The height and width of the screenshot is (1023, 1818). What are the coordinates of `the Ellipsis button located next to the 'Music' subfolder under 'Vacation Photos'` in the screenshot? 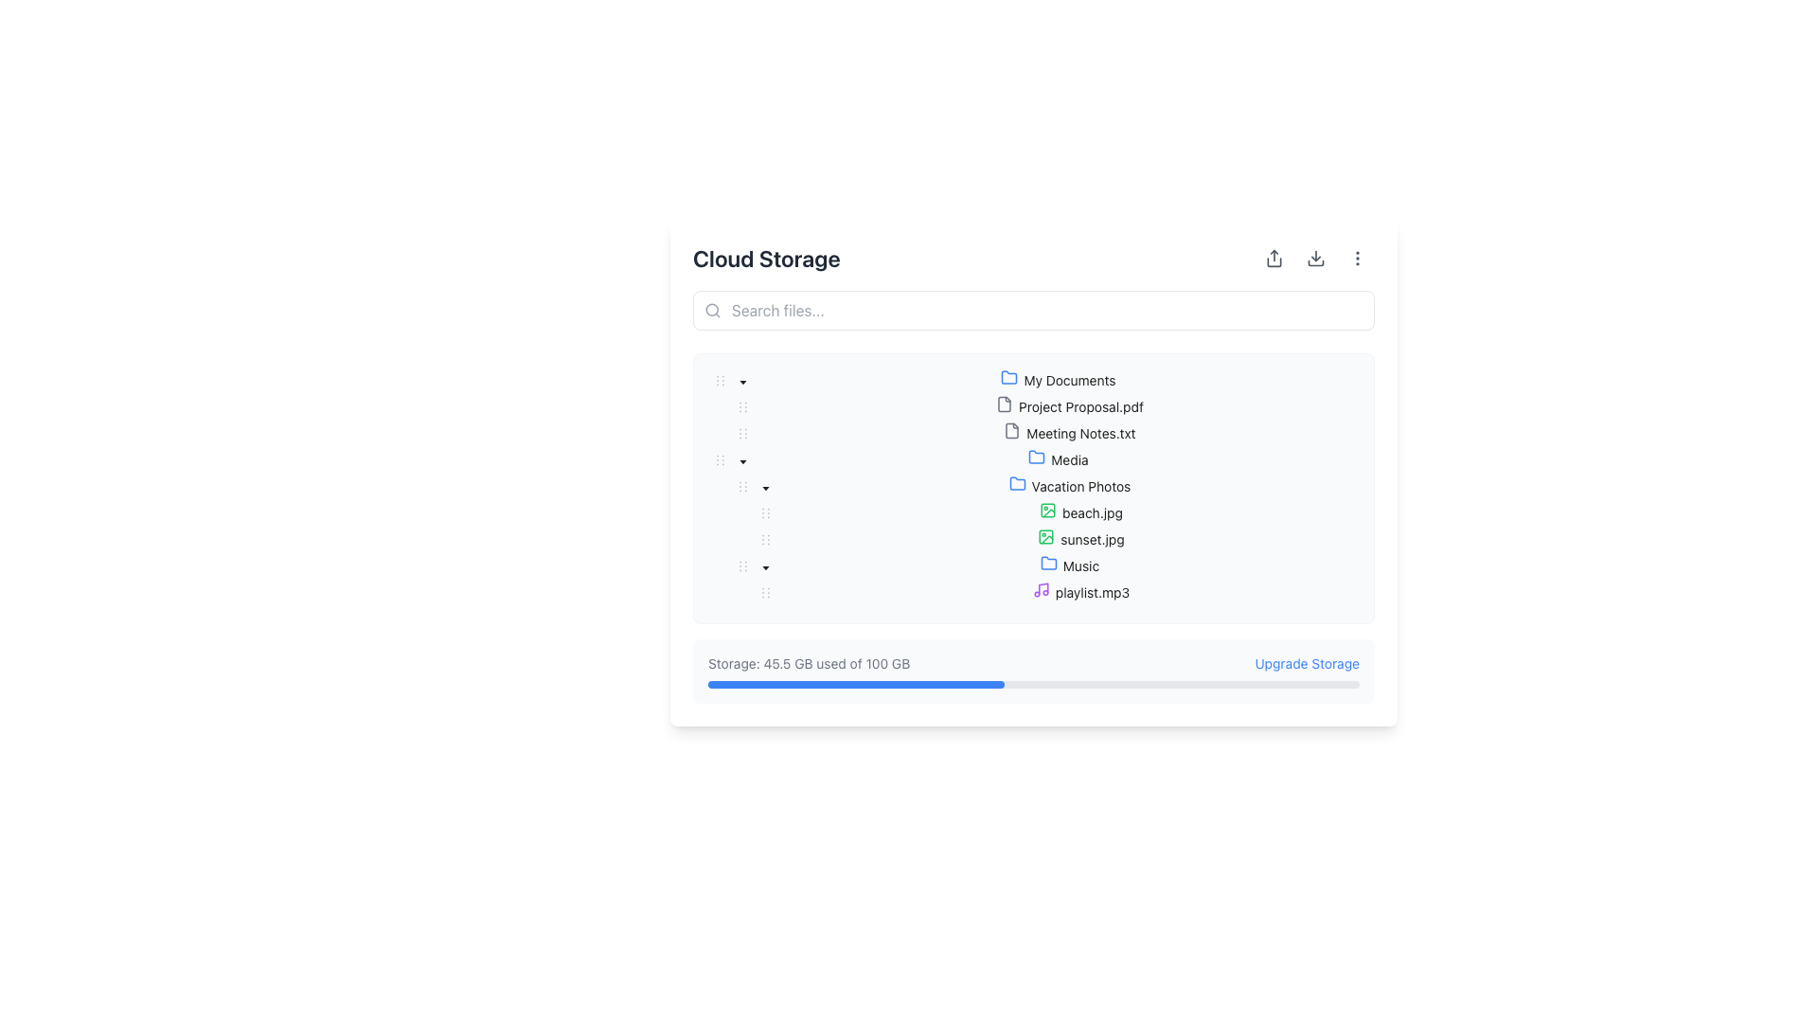 It's located at (742, 565).